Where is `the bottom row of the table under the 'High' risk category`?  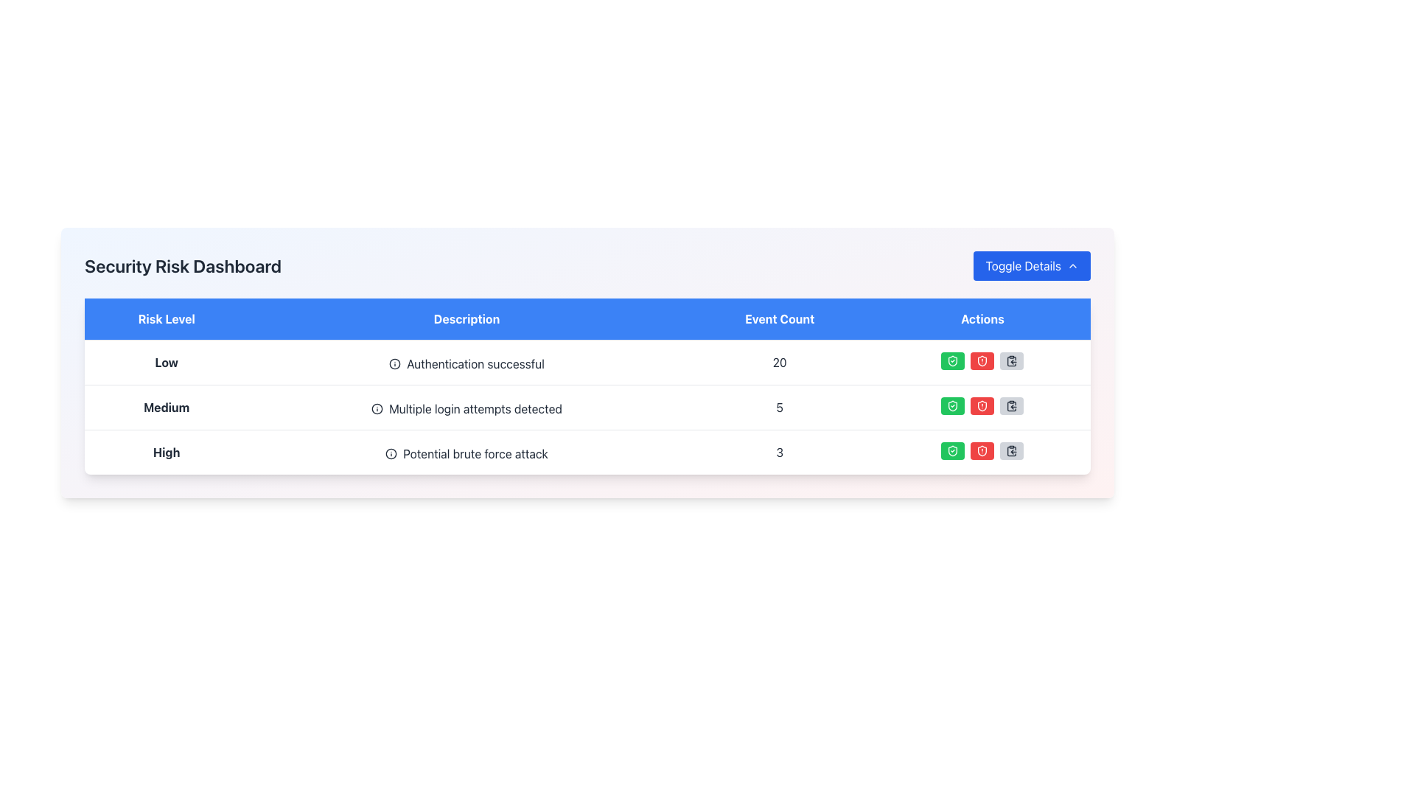
the bottom row of the table under the 'High' risk category is located at coordinates (587, 451).